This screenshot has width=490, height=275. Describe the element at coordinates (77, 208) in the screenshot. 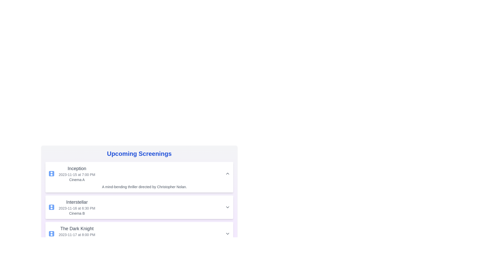

I see `the static text label that displays the scheduled date and time for the movie 'Interstellar', located centrally below the title 'Interstellar' in the second list item of a vertical list of movie screenings` at that location.